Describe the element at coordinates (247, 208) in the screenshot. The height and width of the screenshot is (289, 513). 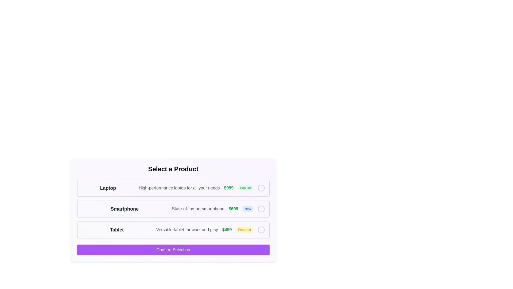
I see `the non-interactive badge indicating the new status of the smartphone product, located to the immediate right of the price ('$699')` at that location.